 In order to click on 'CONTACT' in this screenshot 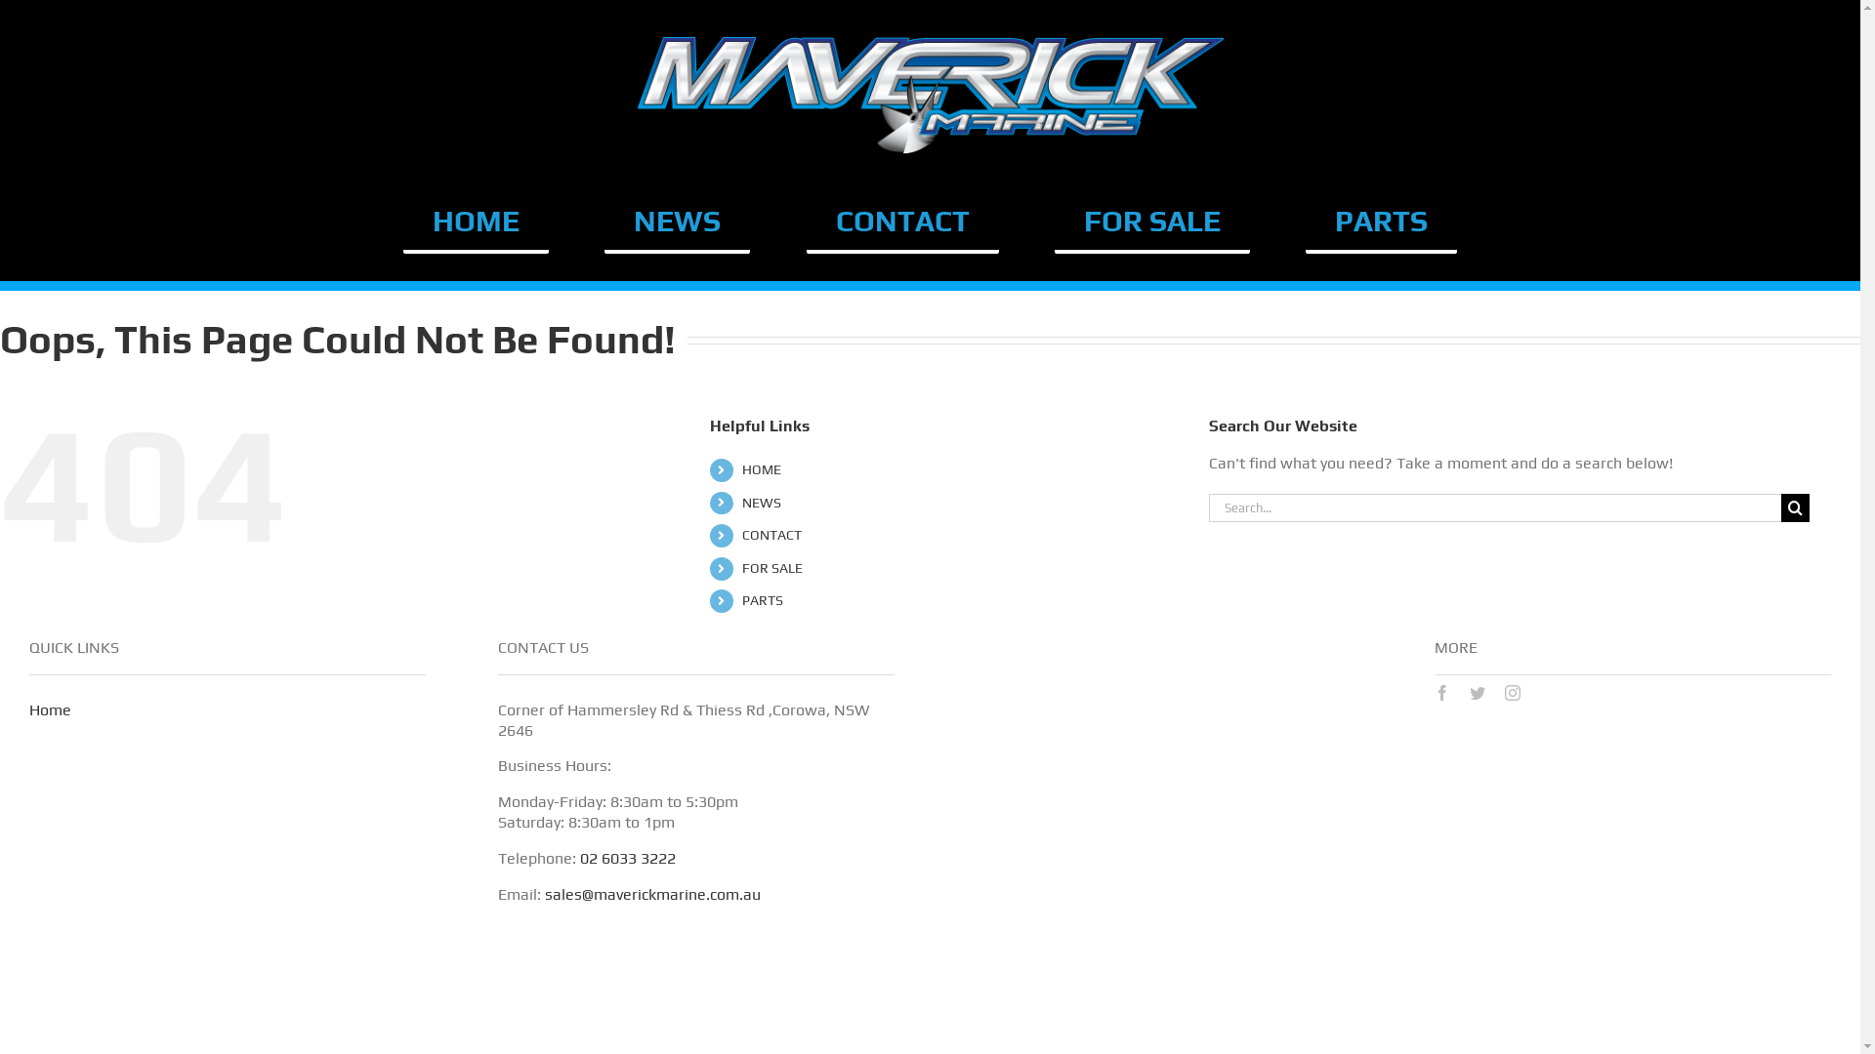, I will do `click(901, 222)`.